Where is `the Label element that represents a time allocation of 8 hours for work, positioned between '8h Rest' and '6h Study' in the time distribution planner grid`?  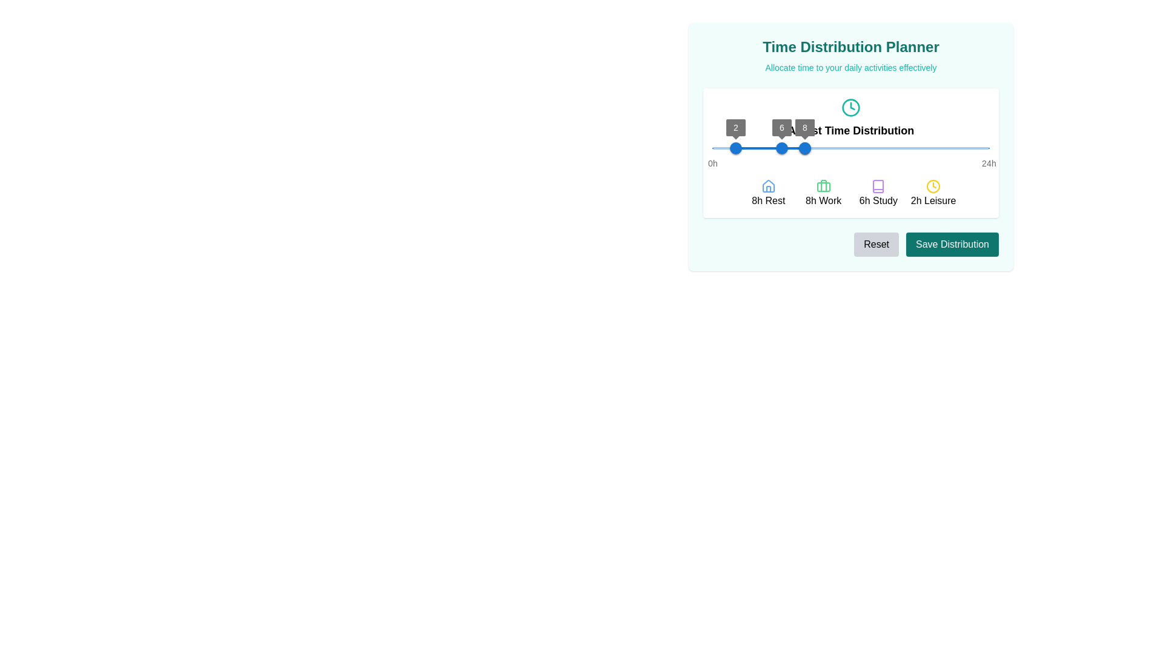 the Label element that represents a time allocation of 8 hours for work, positioned between '8h Rest' and '6h Study' in the time distribution planner grid is located at coordinates (823, 193).